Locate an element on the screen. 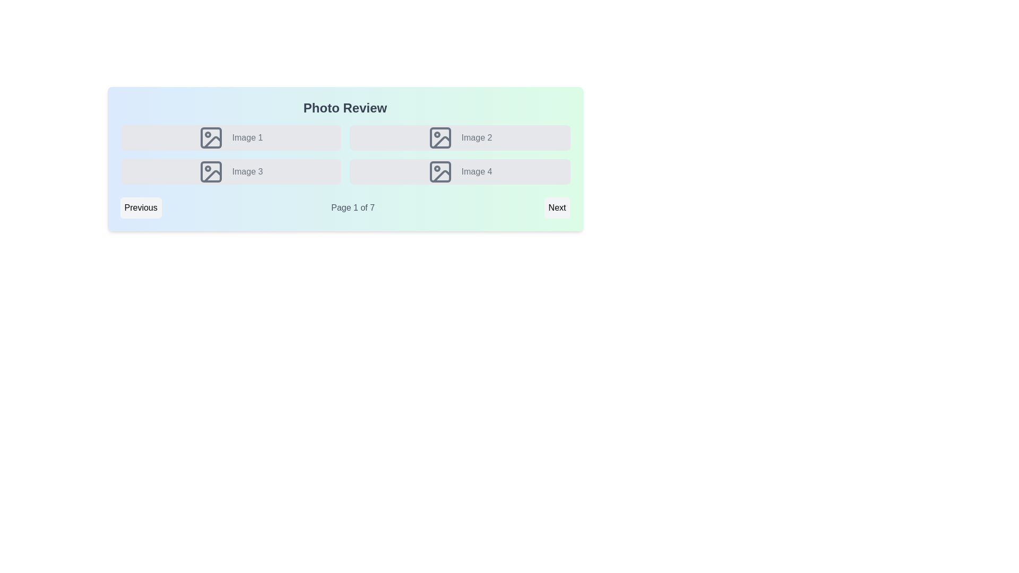  the text label displaying 'Image 4' located in the 'Photo Review' section, specifically in the second row and second column of the grid layout, directly to the right of the image icon is located at coordinates (476, 171).